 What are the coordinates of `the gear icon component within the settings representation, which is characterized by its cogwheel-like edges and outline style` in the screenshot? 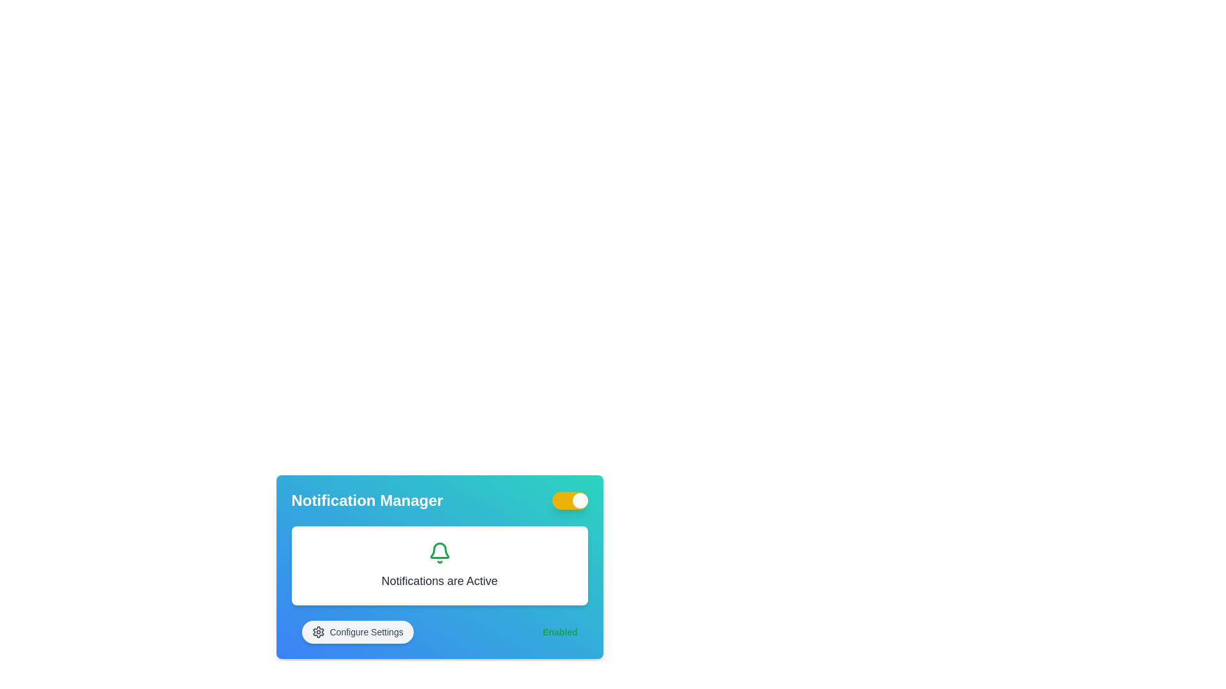 It's located at (318, 632).